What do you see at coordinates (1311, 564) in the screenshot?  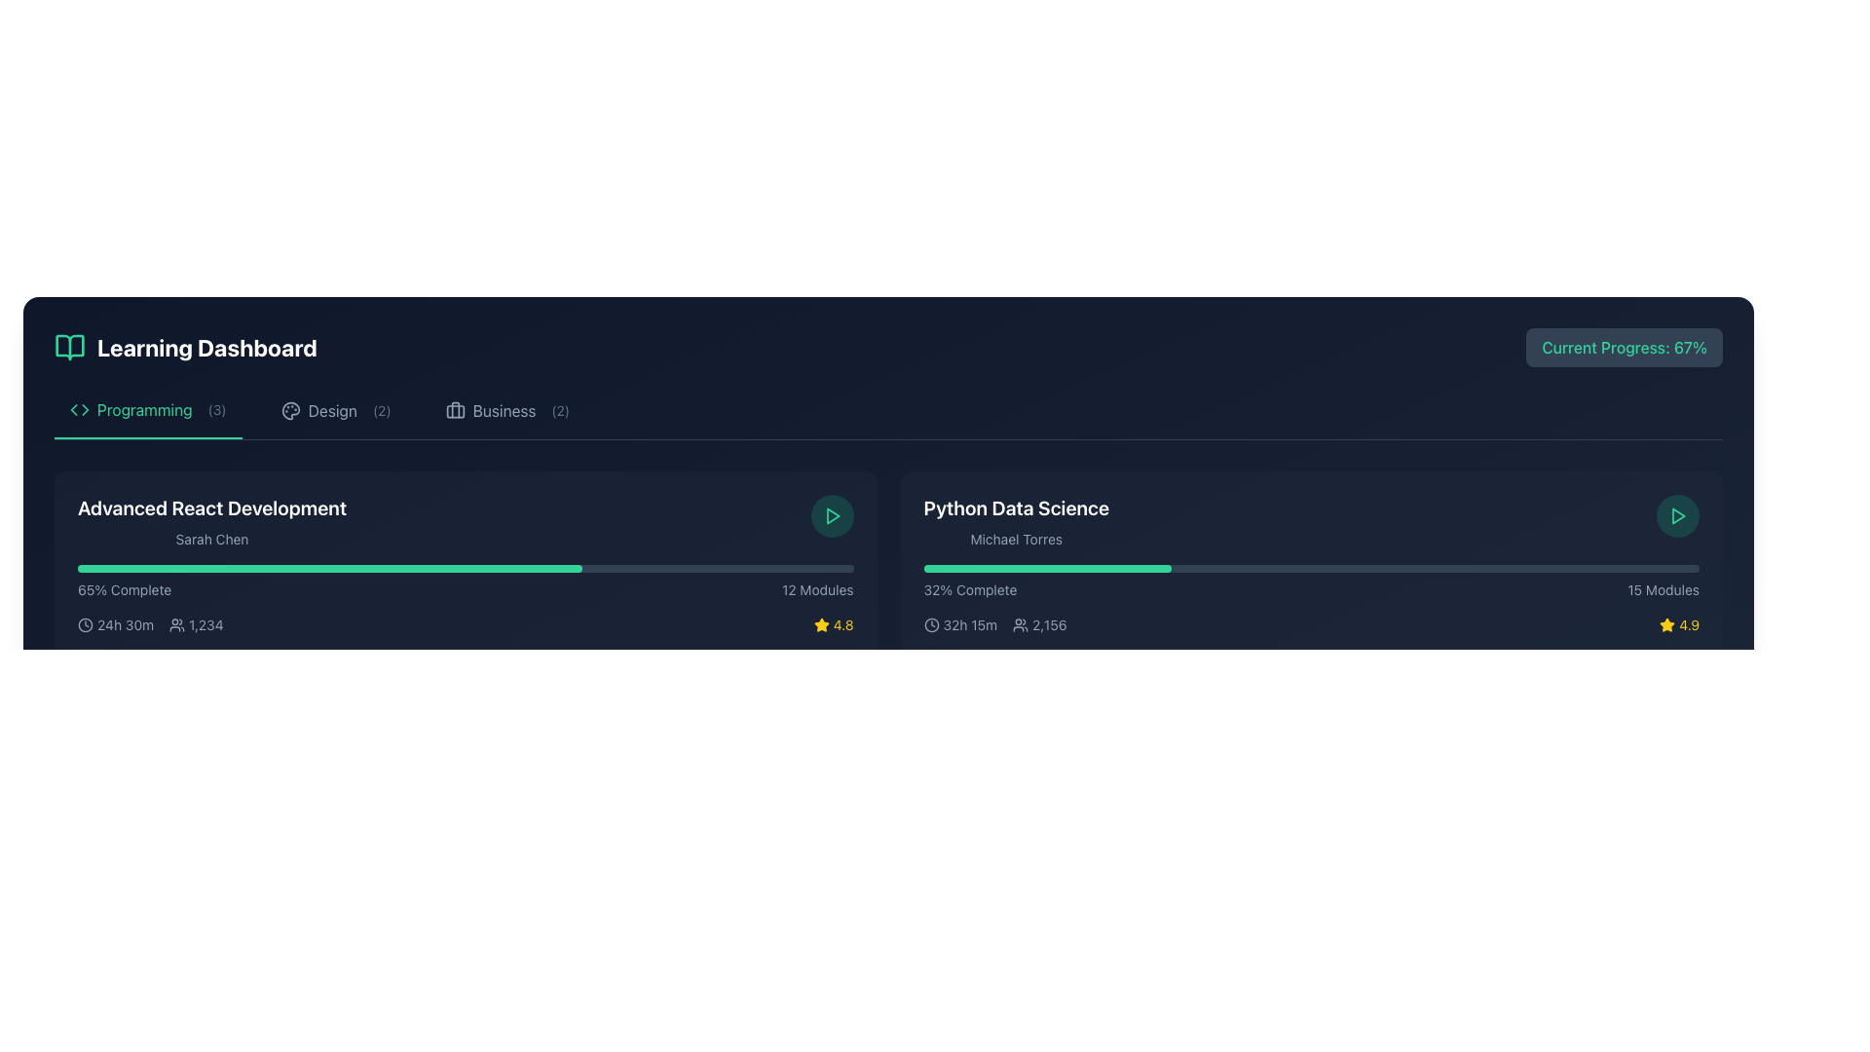 I see `the play icon in the 'Python Data Science' course card` at bounding box center [1311, 564].